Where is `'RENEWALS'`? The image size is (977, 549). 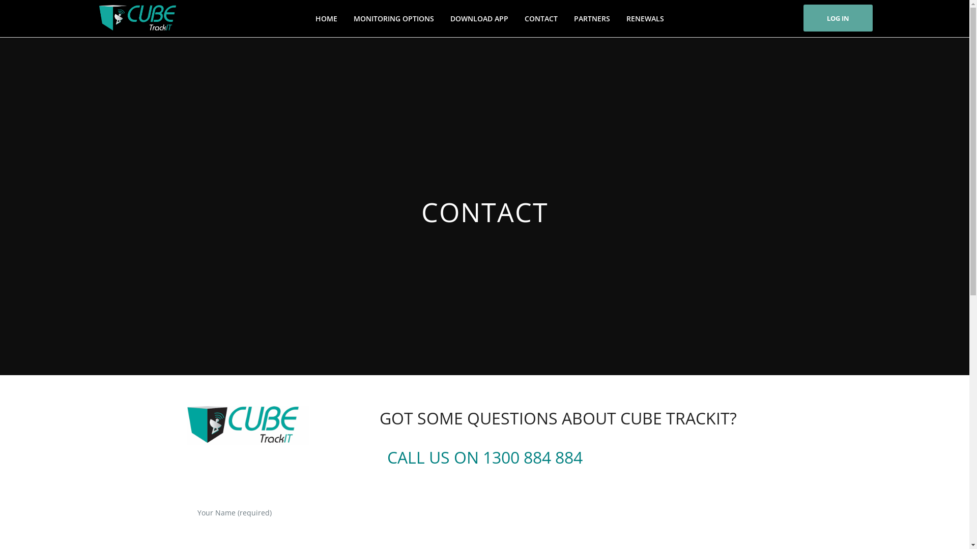
'RENEWALS' is located at coordinates (644, 18).